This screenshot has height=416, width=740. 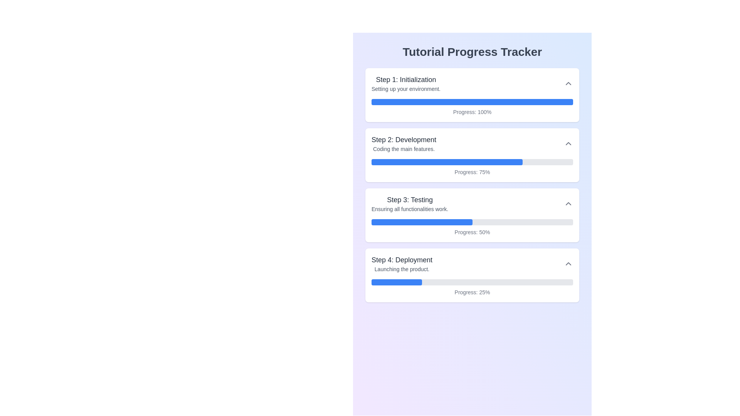 I want to click on the text label that reads 'Progress: 25%' located below the progress bar in the 'Step 4: Deployment' section of the vertical progress tracker, so click(x=472, y=292).